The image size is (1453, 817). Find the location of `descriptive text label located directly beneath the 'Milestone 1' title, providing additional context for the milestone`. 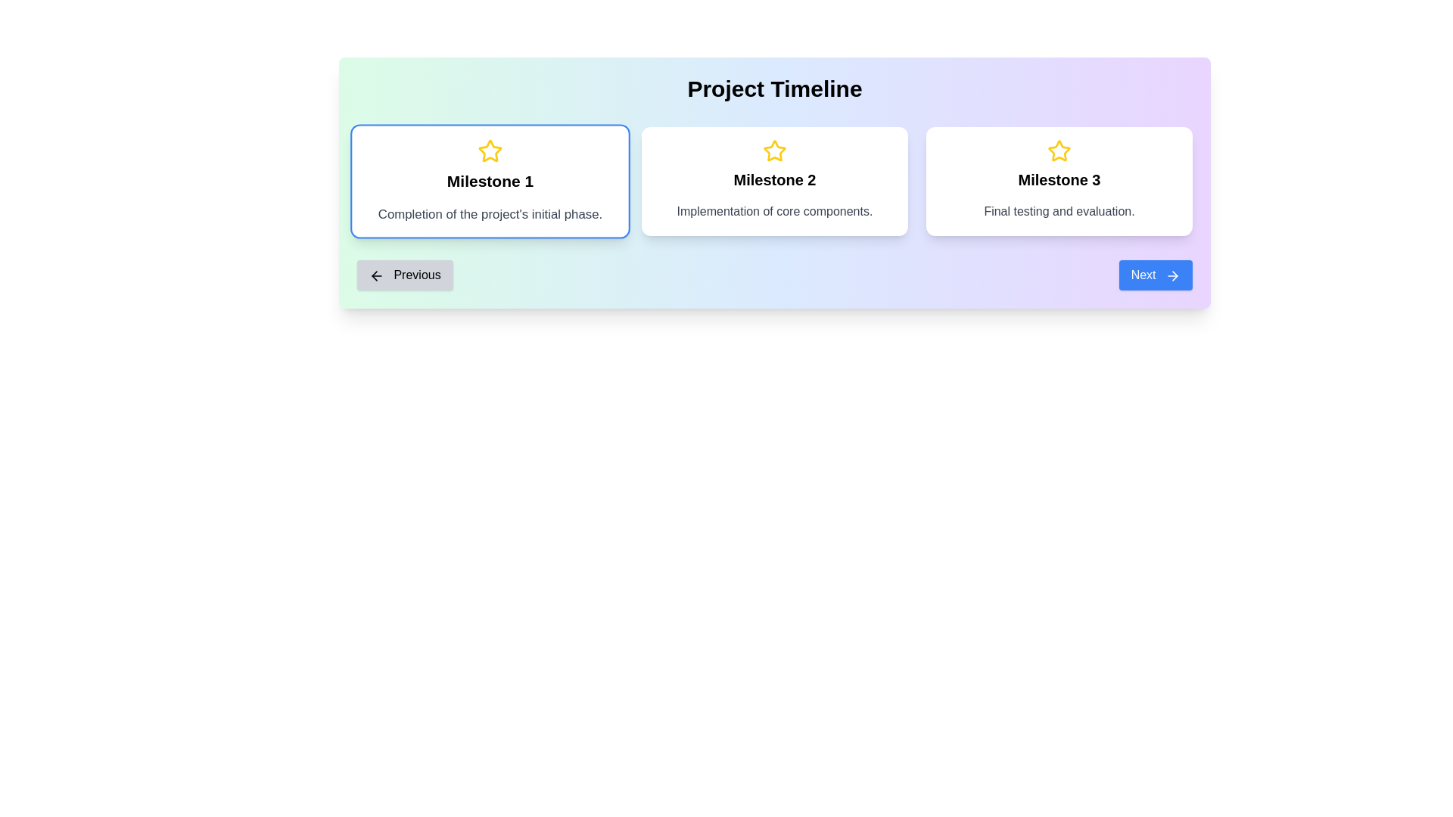

descriptive text label located directly beneath the 'Milestone 1' title, providing additional context for the milestone is located at coordinates (490, 215).